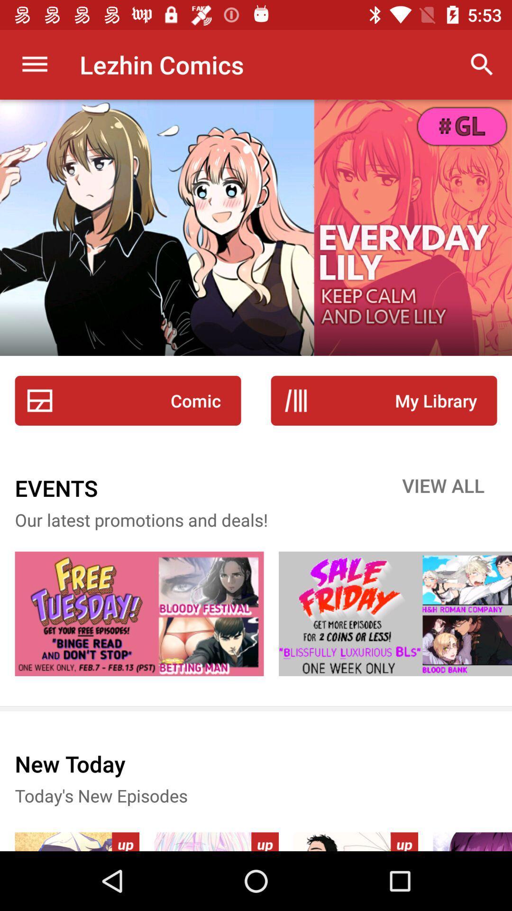 The height and width of the screenshot is (911, 512). What do you see at coordinates (139, 614) in the screenshot?
I see `launch advertisement` at bounding box center [139, 614].